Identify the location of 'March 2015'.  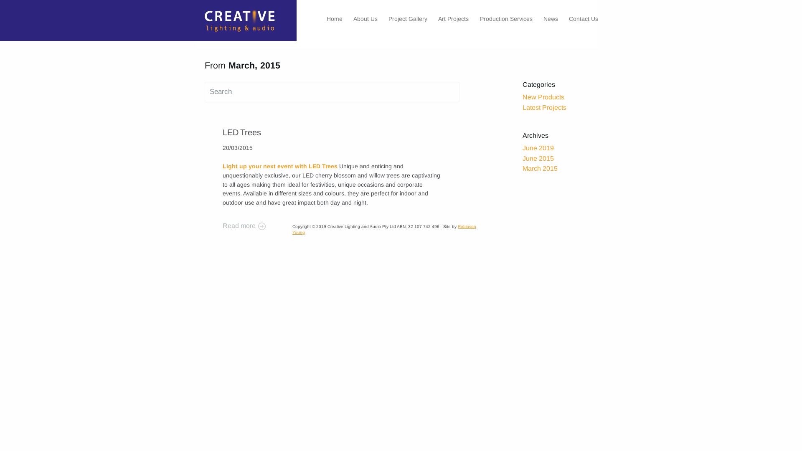
(540, 168).